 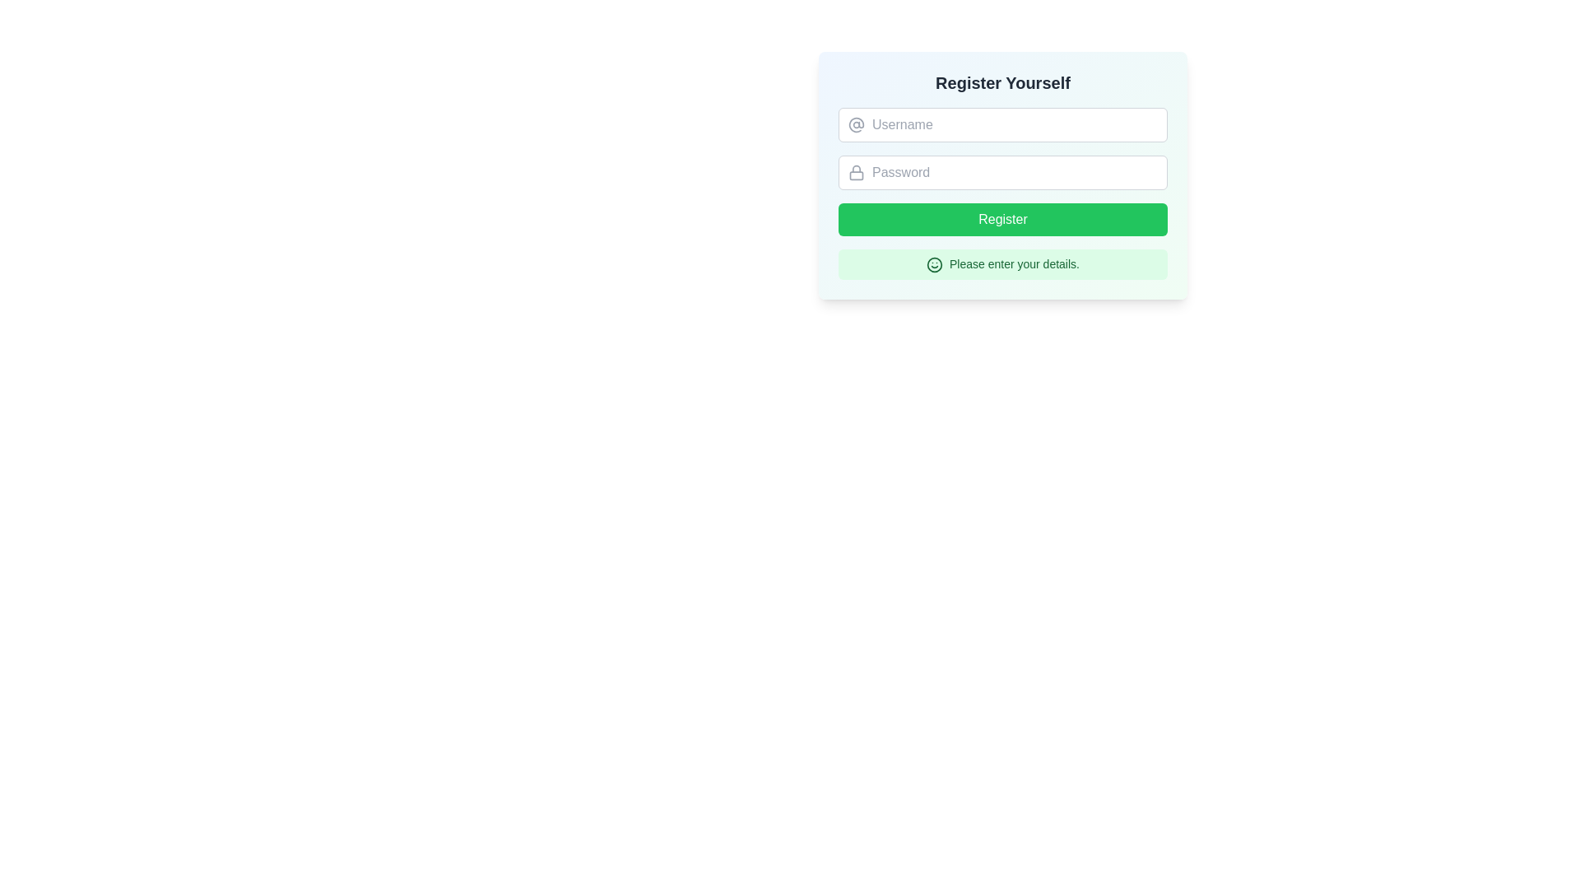 What do you see at coordinates (1002, 263) in the screenshot?
I see `text from the informational message or notification box located below the green 'Register' button within a bordered card-like structure` at bounding box center [1002, 263].